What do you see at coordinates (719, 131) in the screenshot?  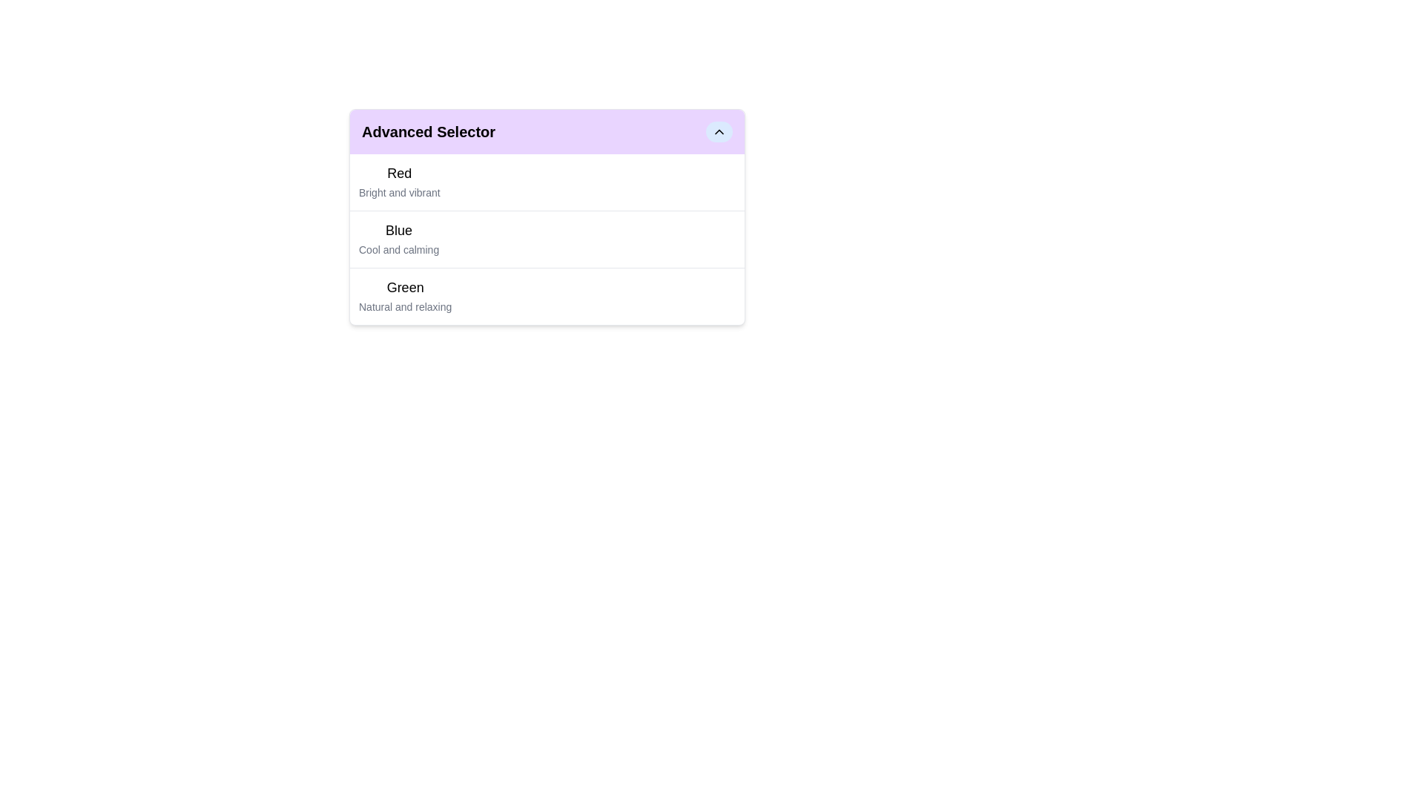 I see `the chevron icon located in the top-right corner of the 'Advanced Selector' component to focus it` at bounding box center [719, 131].